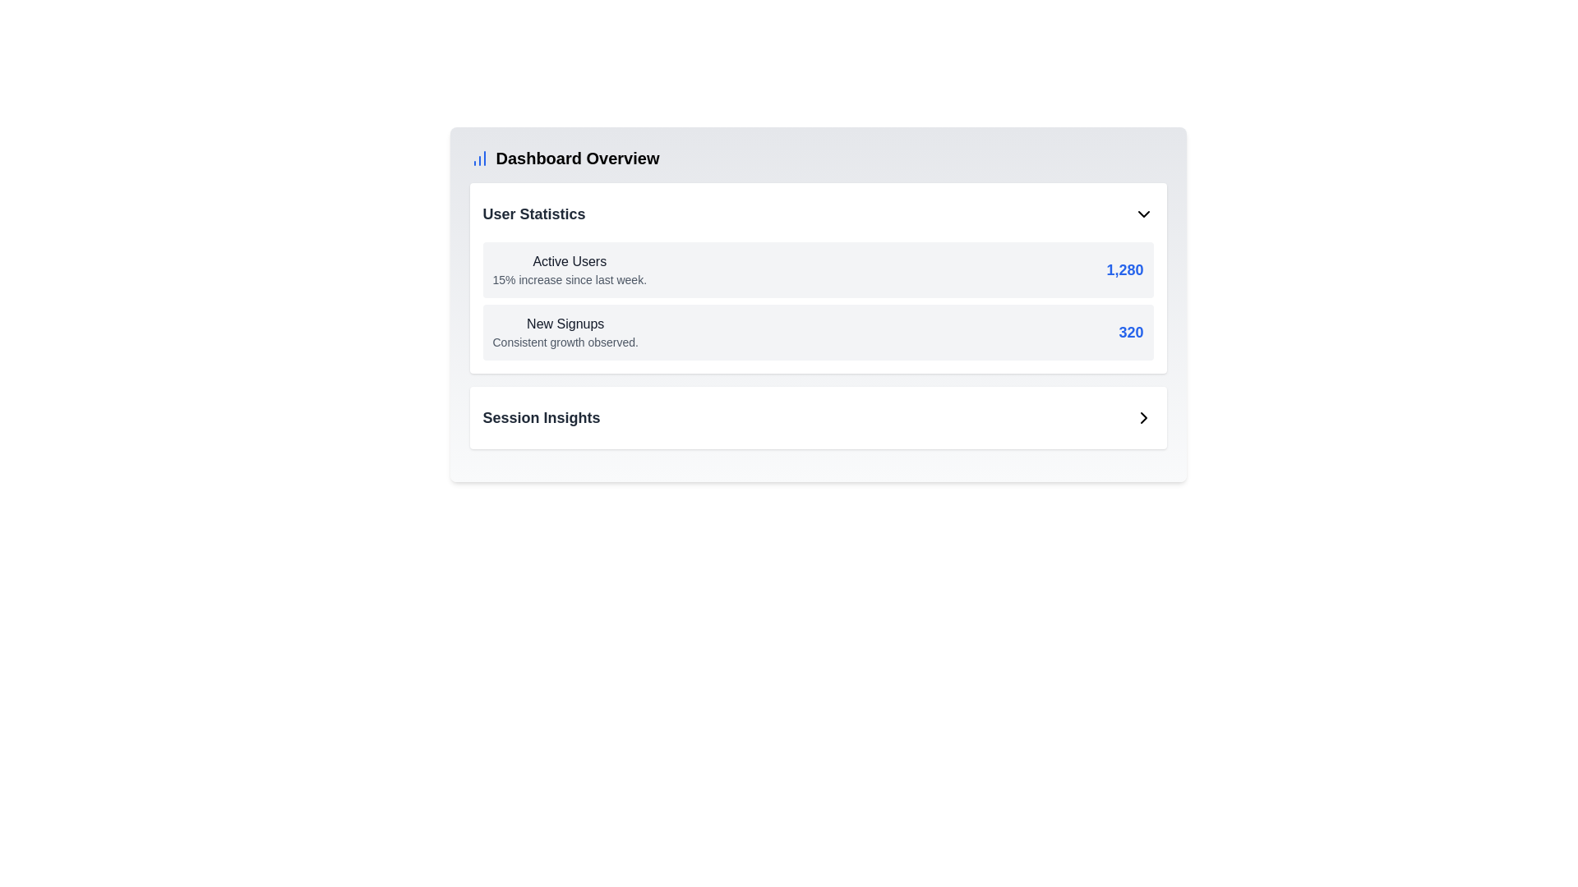  What do you see at coordinates (1142, 214) in the screenshot?
I see `the downward-pointing chevron icon located to the right of the 'User Statistics' section header` at bounding box center [1142, 214].